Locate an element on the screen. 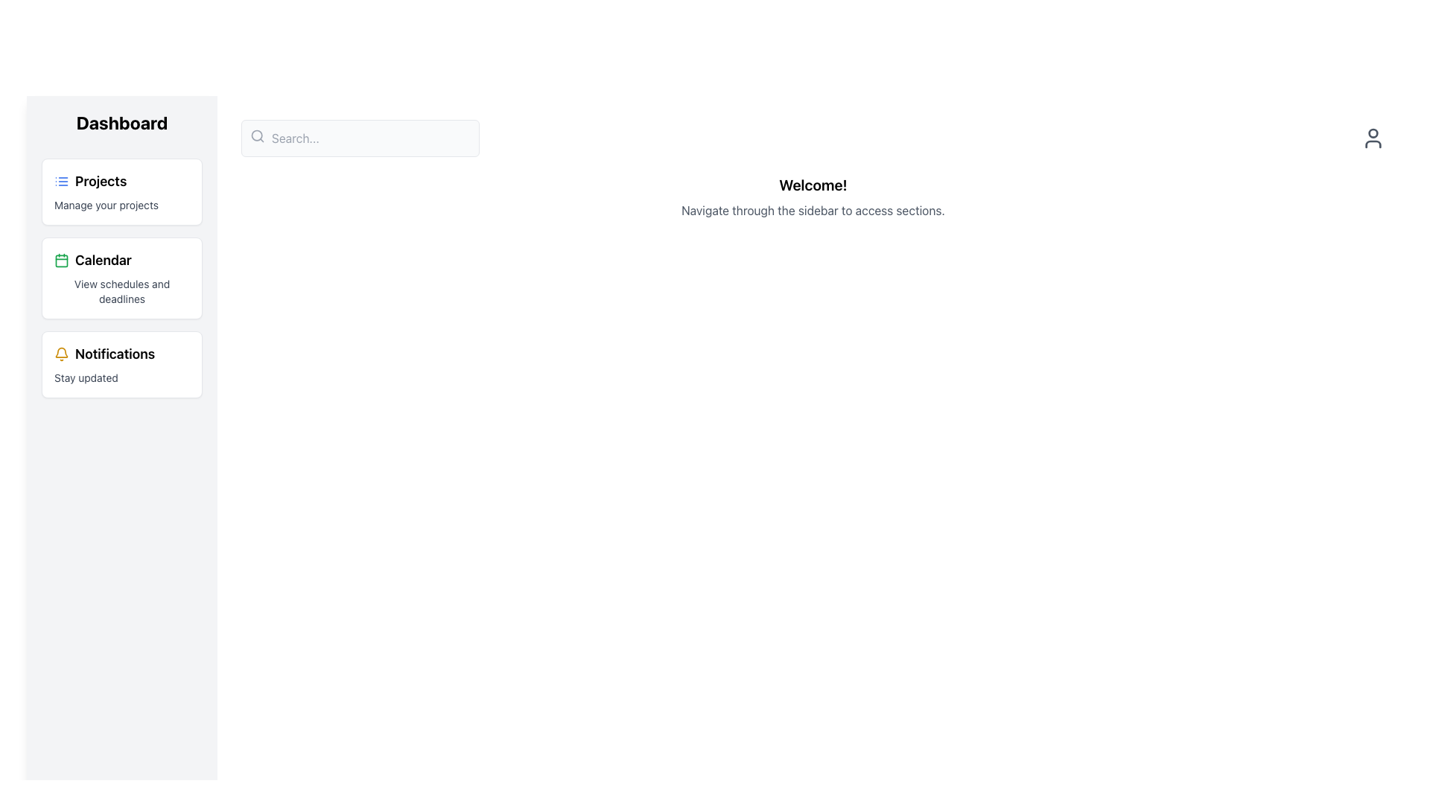  the notification settings card located in the sidebar beneath 'Projects' and 'Calendar' is located at coordinates (121, 364).